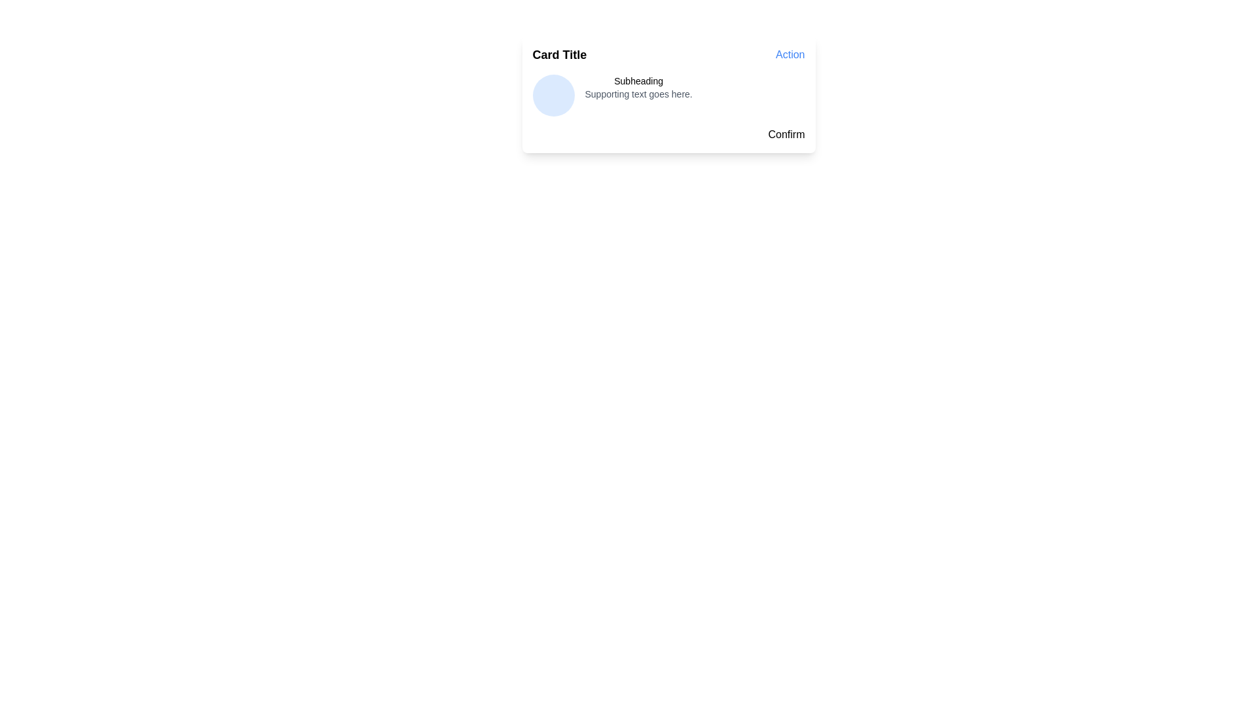 The image size is (1257, 707). I want to click on the Text Block that provides a subheading and context for the card's content, located in the middle-right region next to a circular shape and above the 'Confirm' button, so click(638, 95).